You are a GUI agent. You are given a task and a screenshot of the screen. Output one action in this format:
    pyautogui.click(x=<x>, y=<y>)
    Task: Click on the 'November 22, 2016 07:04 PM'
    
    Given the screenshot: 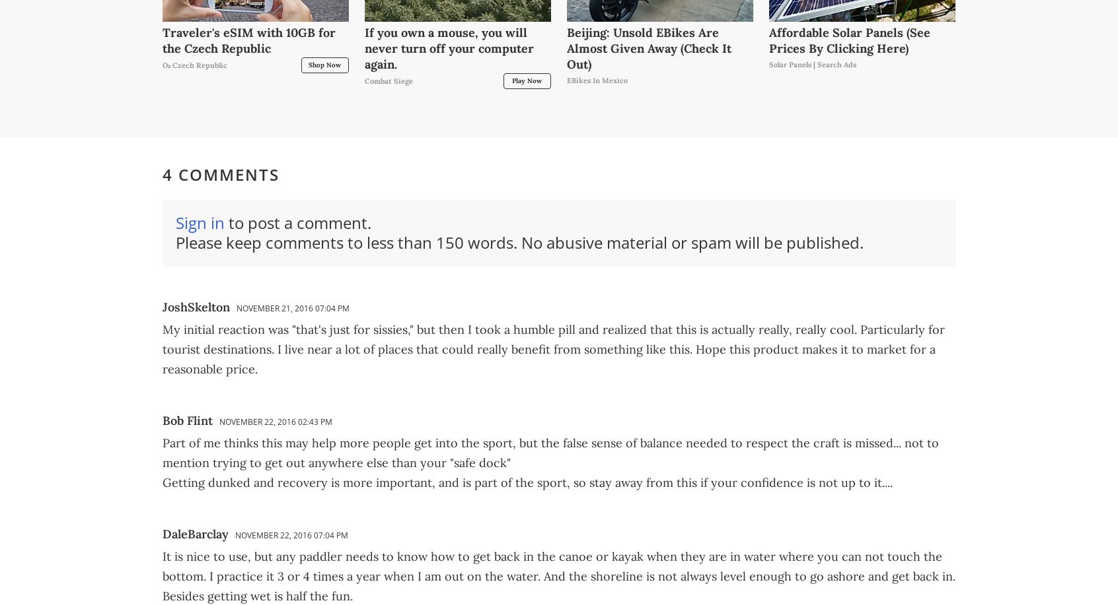 What is the action you would take?
    pyautogui.click(x=291, y=534)
    